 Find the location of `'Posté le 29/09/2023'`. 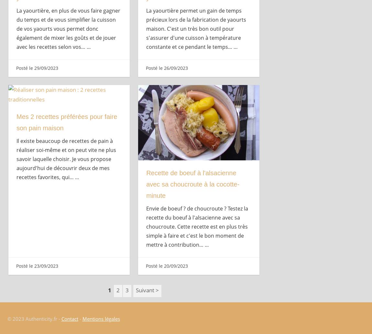

'Posté le 29/09/2023' is located at coordinates (36, 68).